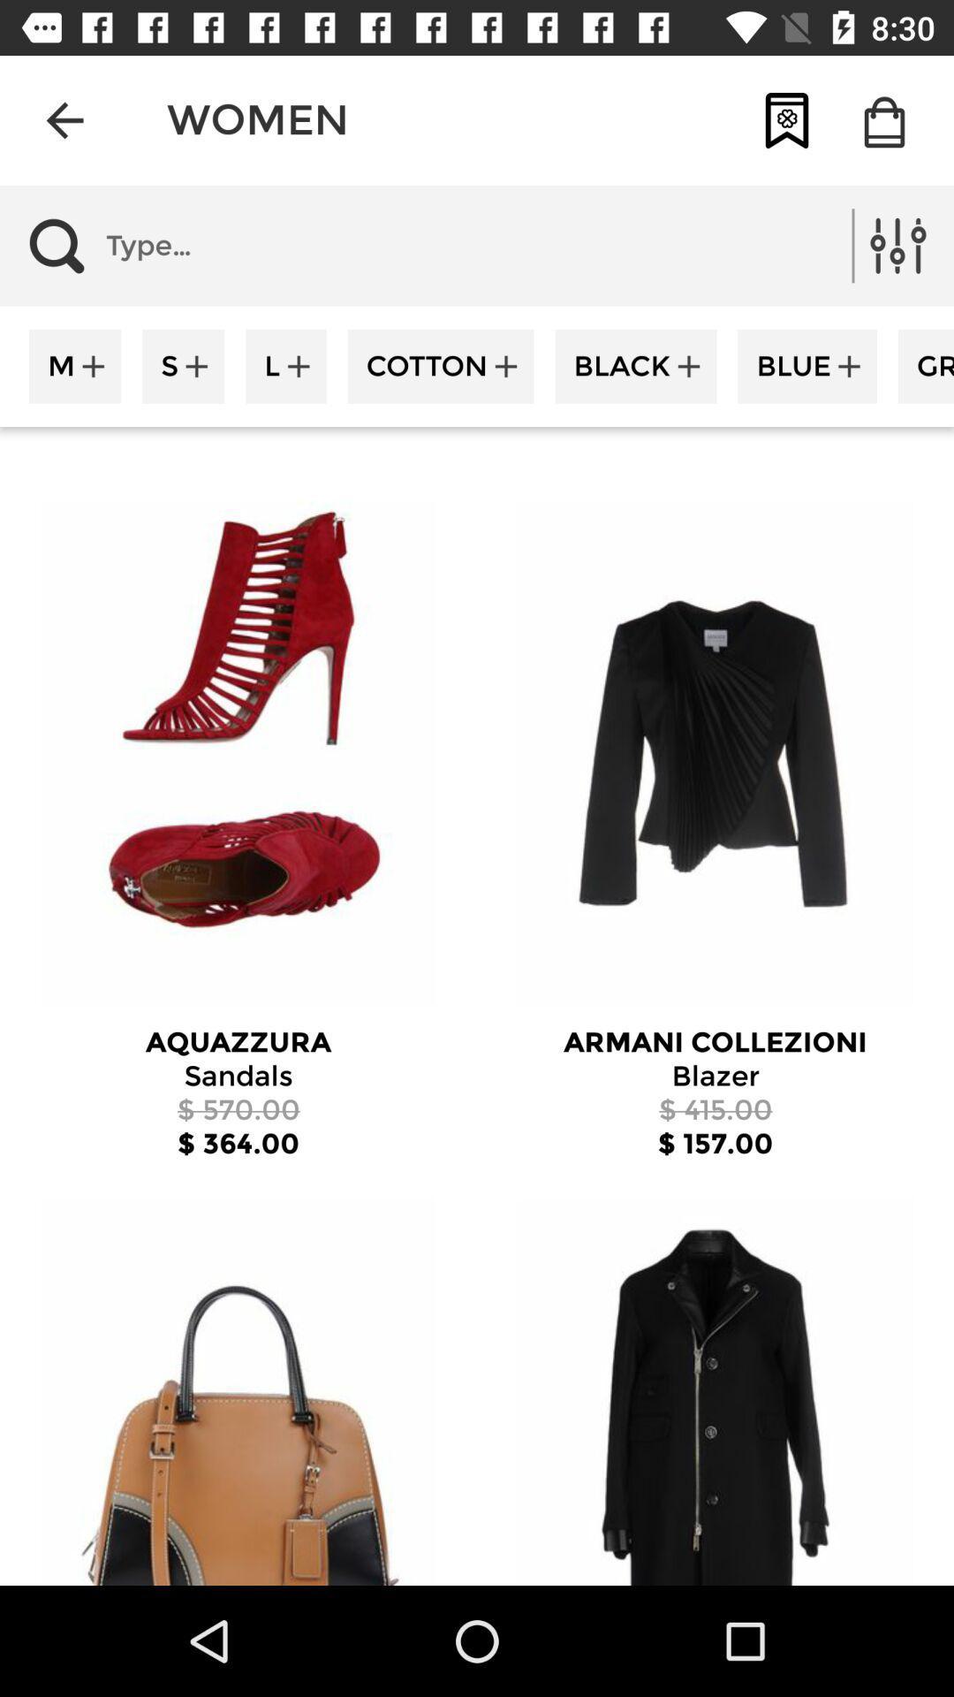  I want to click on icon to the left of the blue, so click(636, 365).